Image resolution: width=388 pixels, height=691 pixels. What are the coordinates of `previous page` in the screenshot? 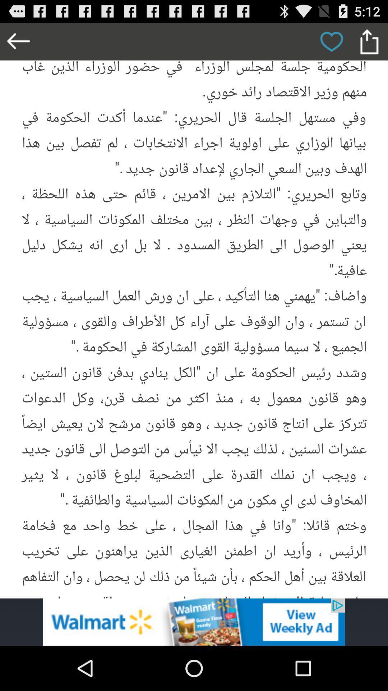 It's located at (18, 41).